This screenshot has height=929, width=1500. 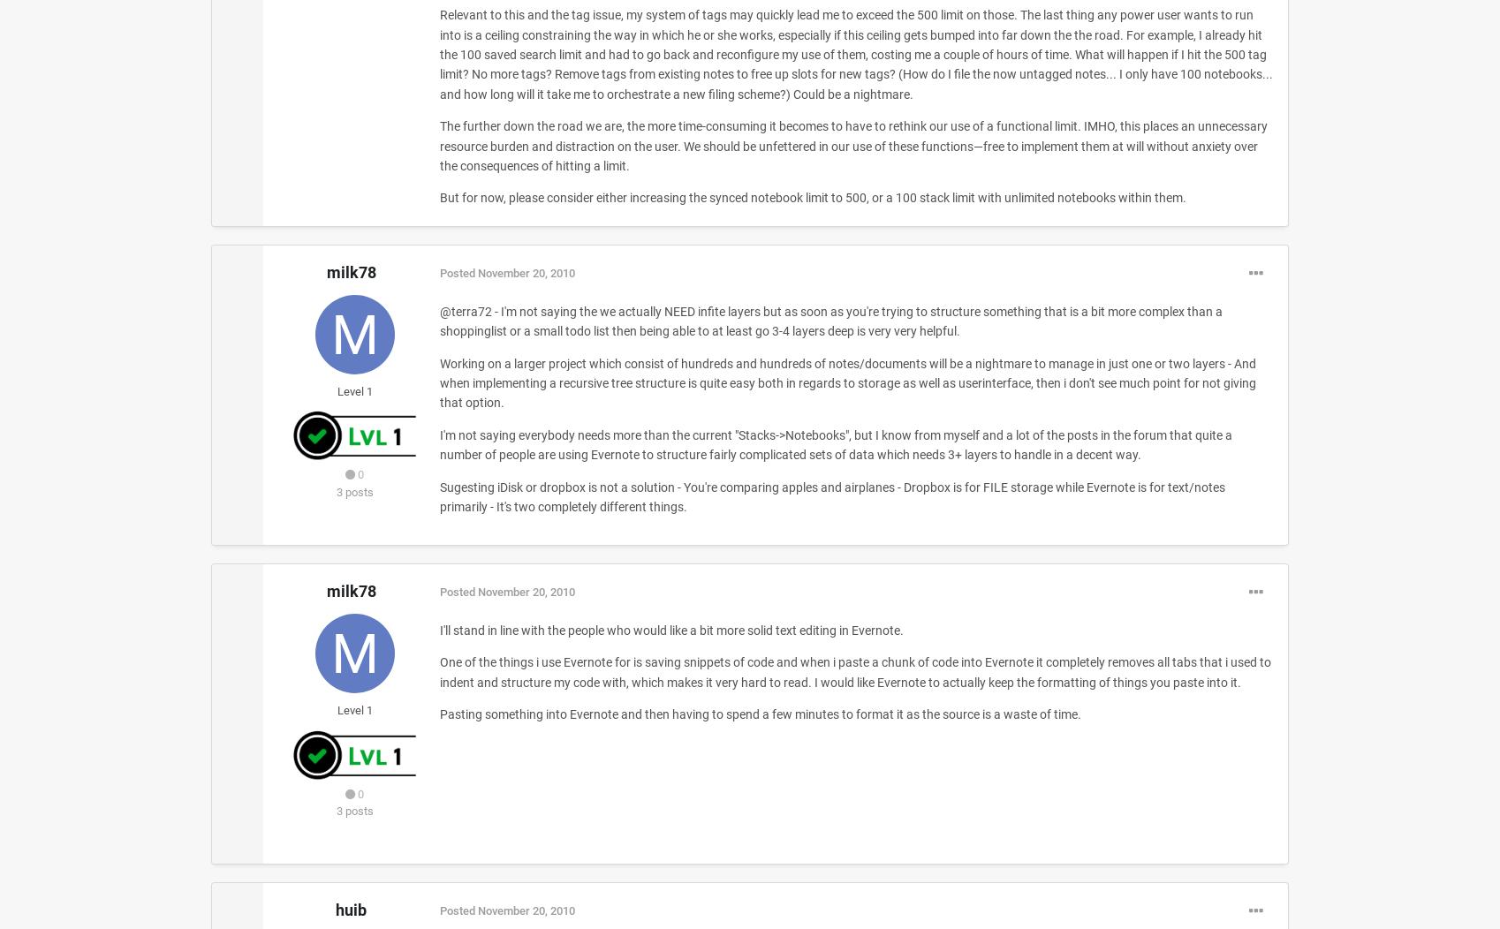 I want to click on 'Working on a larger project which consist of hundreds and hundreds of notes/documents will be a nightmare to manage in just one or two layers - And when implementing a recursive tree structure is quite easy both in regards to storage as well as userinterface, then i don't see much point for not giving that option.', so click(x=846, y=381).